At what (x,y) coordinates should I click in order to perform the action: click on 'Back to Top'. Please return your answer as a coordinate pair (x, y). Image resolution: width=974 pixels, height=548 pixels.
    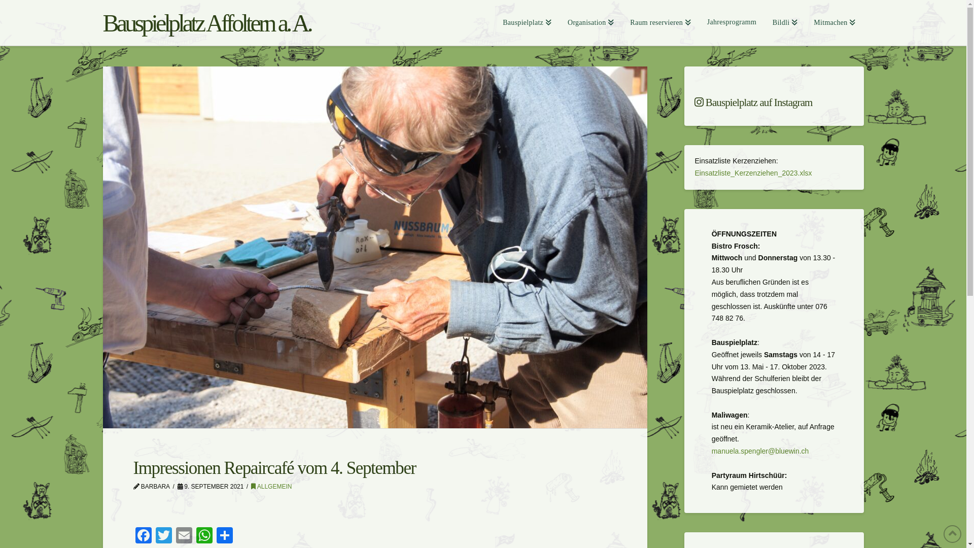
    Looking at the image, I should click on (952, 533).